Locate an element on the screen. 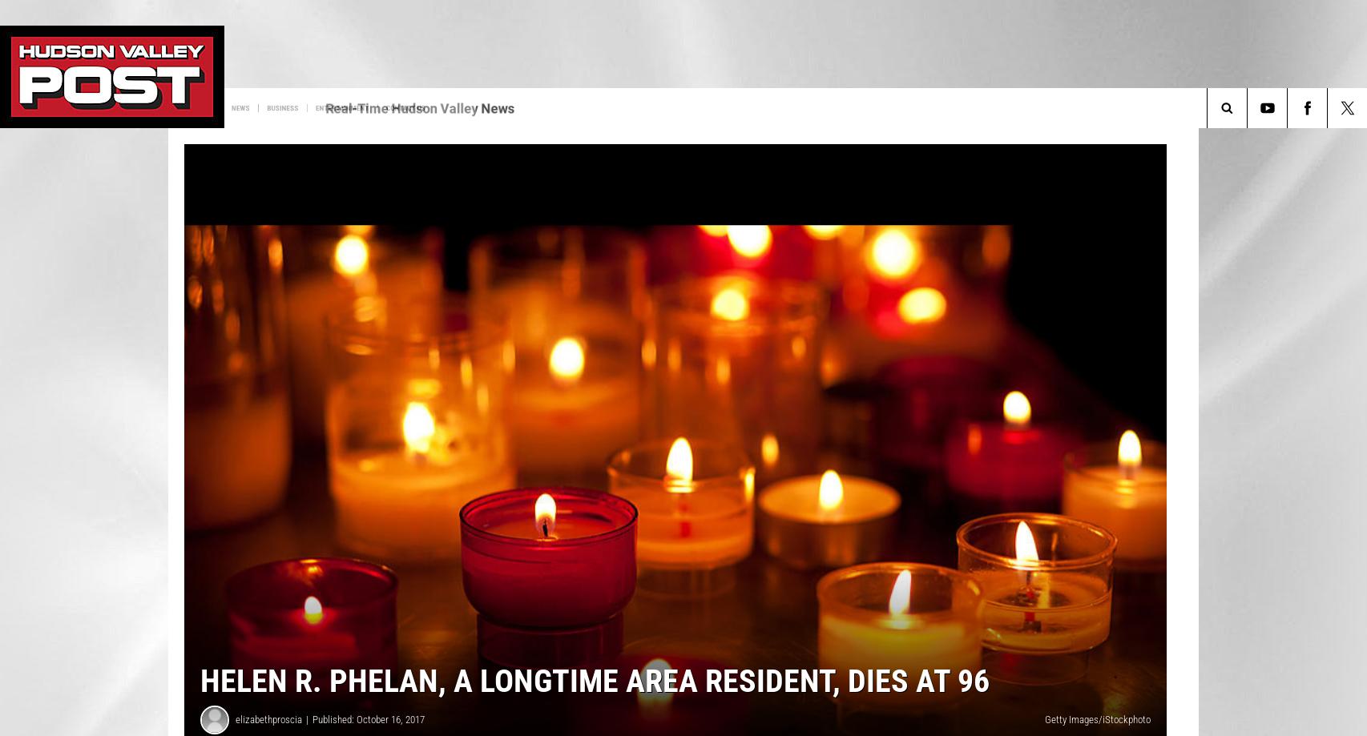 This screenshot has height=736, width=1367. 'News' is located at coordinates (389, 107).